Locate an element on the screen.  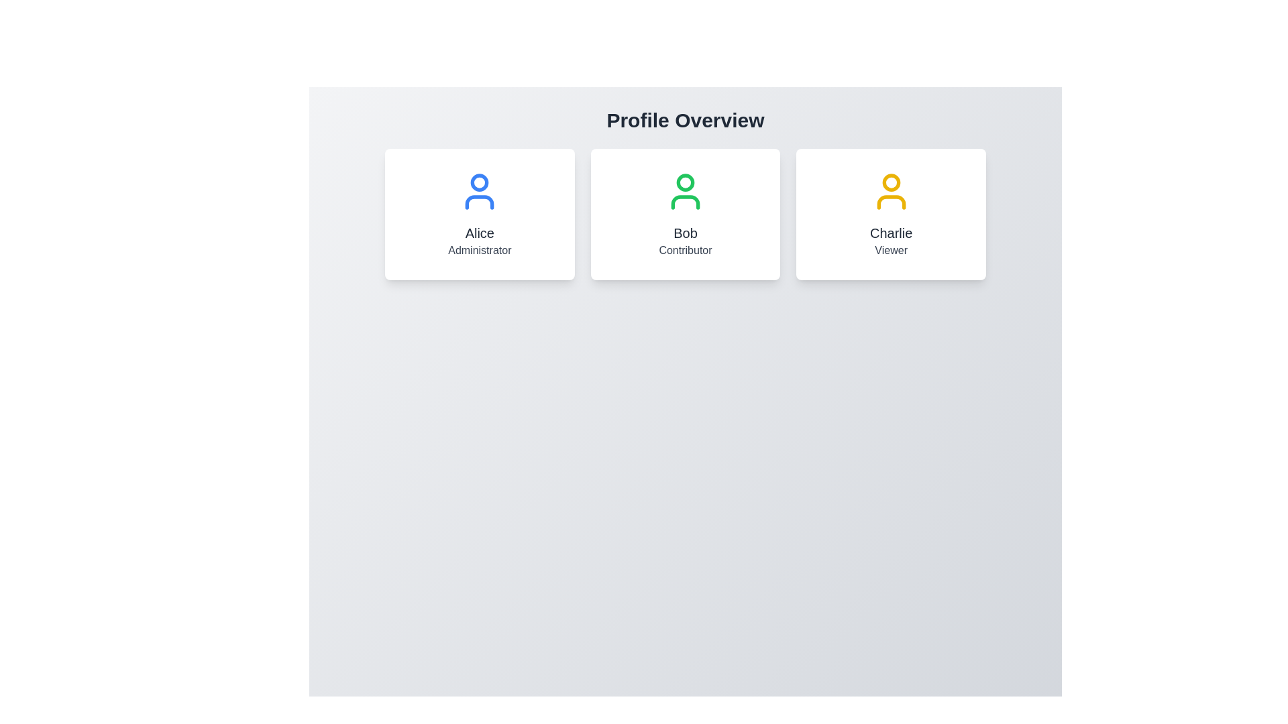
the user profile icon, which is a green silhouette representing a user, located in the middle card titled 'Bob' under 'Profile Overview' is located at coordinates (686, 191).